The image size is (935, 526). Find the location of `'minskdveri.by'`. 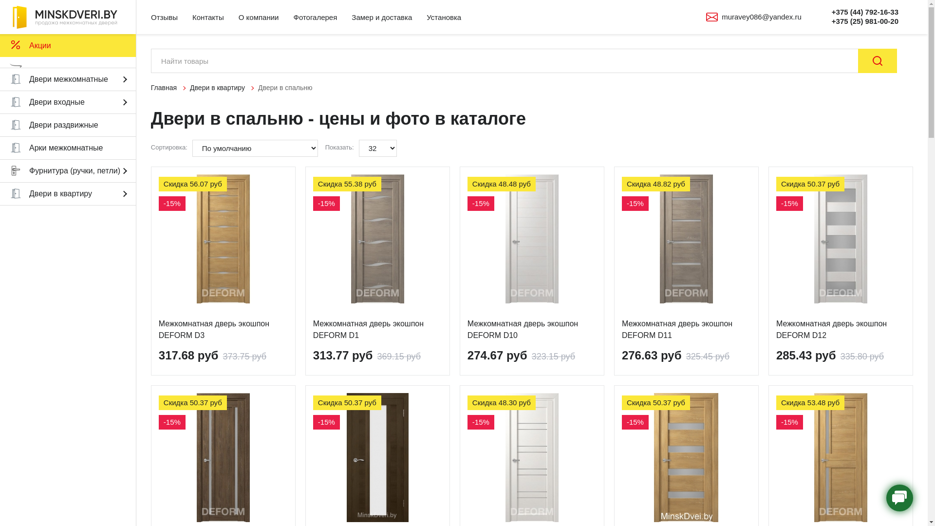

'minskdveri.by' is located at coordinates (67, 17).